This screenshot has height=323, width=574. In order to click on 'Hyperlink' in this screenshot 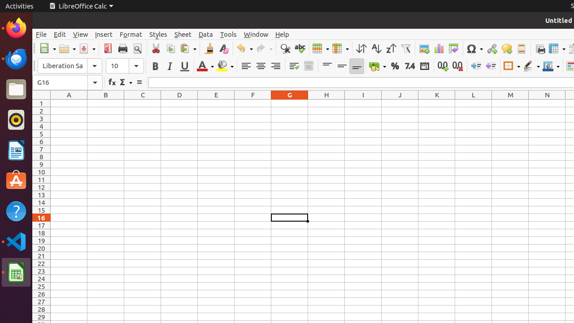, I will do `click(491, 48)`.